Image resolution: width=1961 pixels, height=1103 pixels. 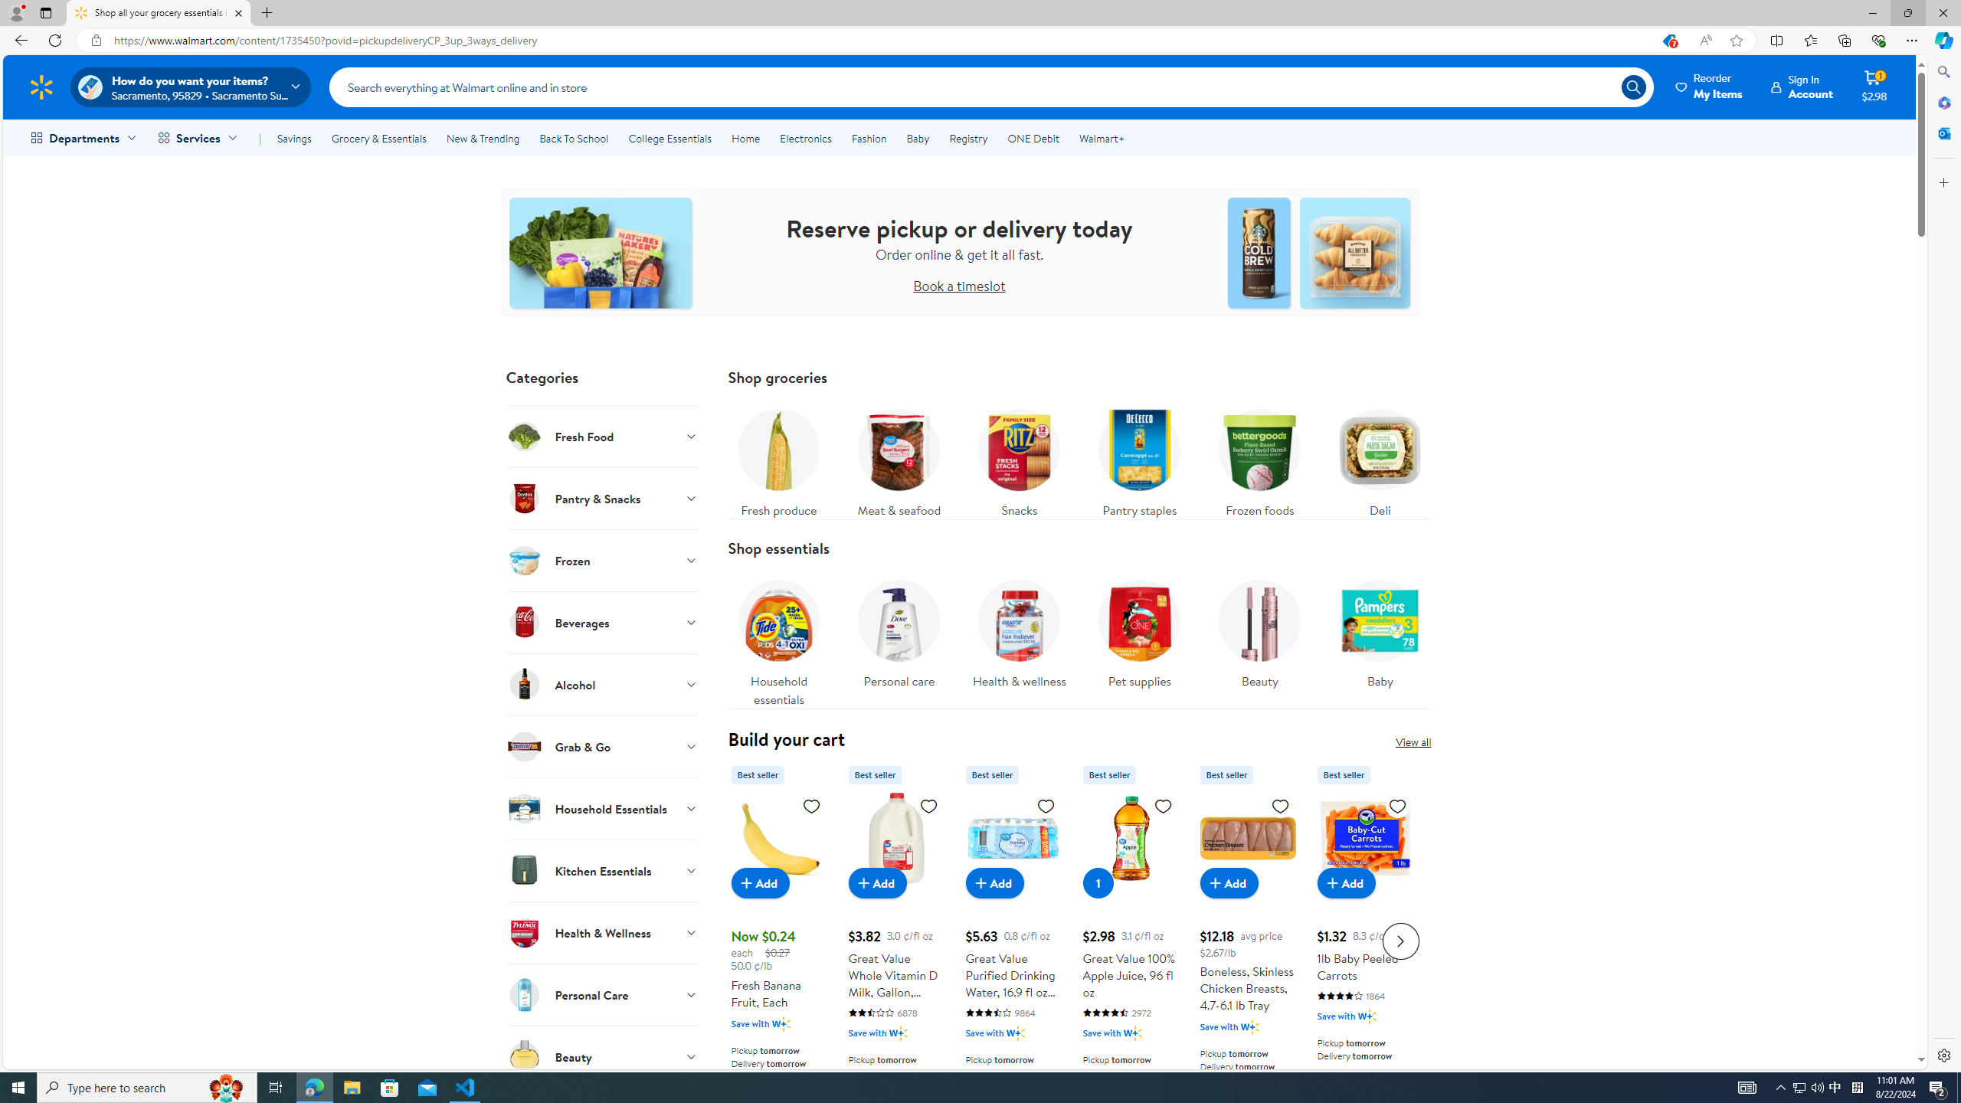 I want to click on 'ONE Debit', so click(x=1033, y=138).